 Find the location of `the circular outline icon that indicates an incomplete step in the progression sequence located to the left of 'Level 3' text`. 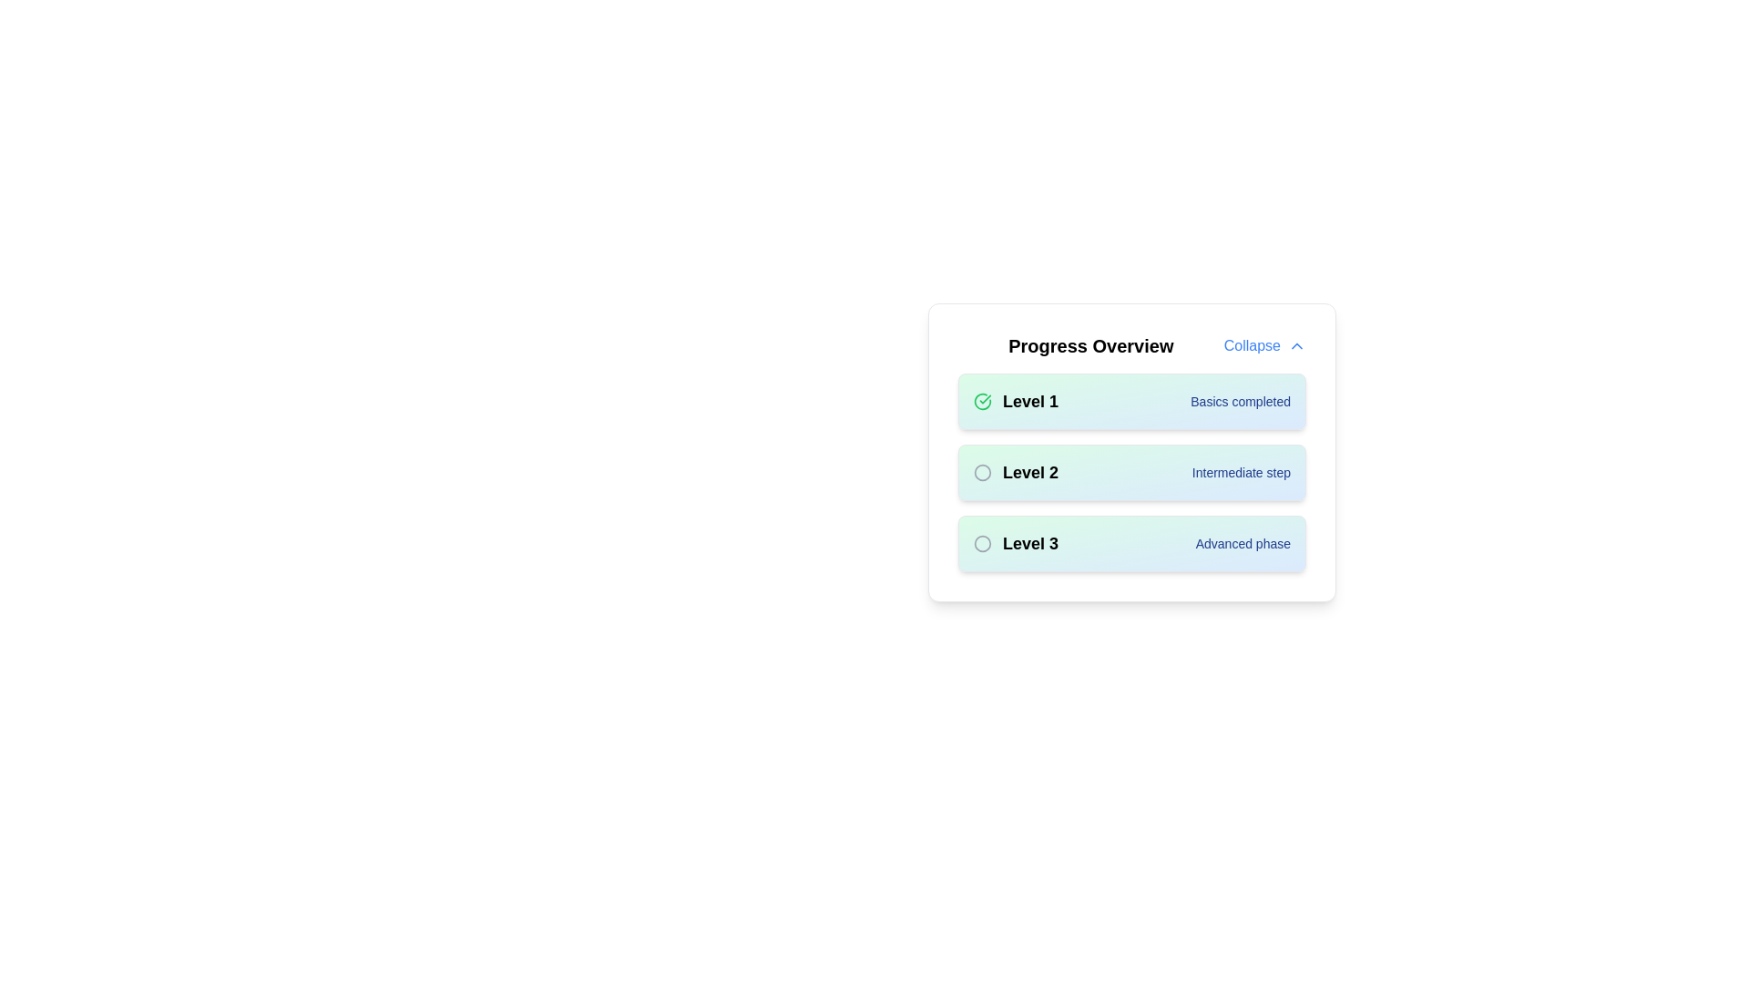

the circular outline icon that indicates an incomplete step in the progression sequence located to the left of 'Level 3' text is located at coordinates (982, 543).